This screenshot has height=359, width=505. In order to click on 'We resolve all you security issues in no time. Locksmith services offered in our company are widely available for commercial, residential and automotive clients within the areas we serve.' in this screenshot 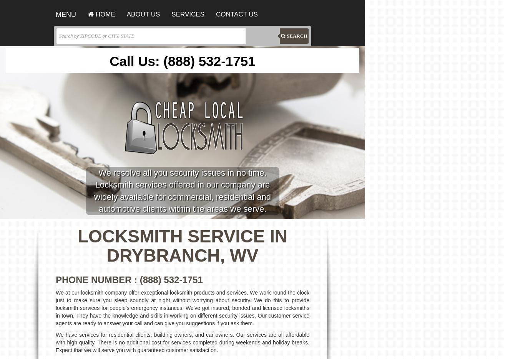, I will do `click(182, 190)`.